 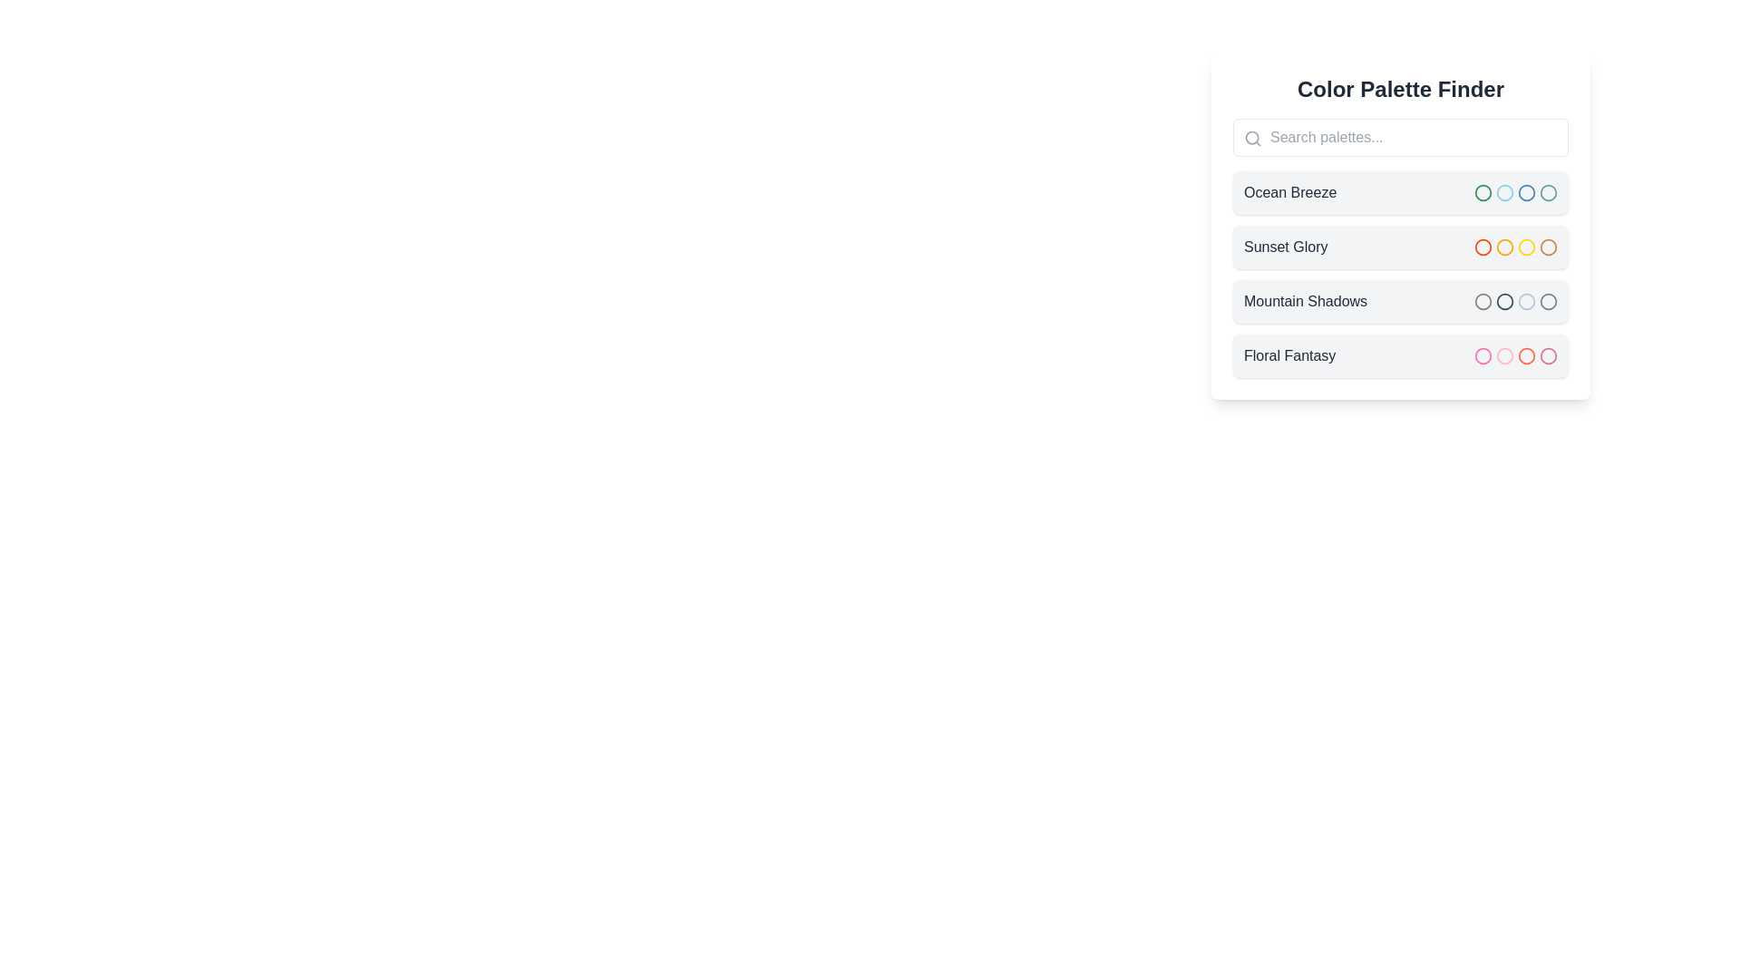 I want to click on the search icon located inside the 'Search palettes...' input field in the 'Color Palette Finder' section, so click(x=1252, y=138).